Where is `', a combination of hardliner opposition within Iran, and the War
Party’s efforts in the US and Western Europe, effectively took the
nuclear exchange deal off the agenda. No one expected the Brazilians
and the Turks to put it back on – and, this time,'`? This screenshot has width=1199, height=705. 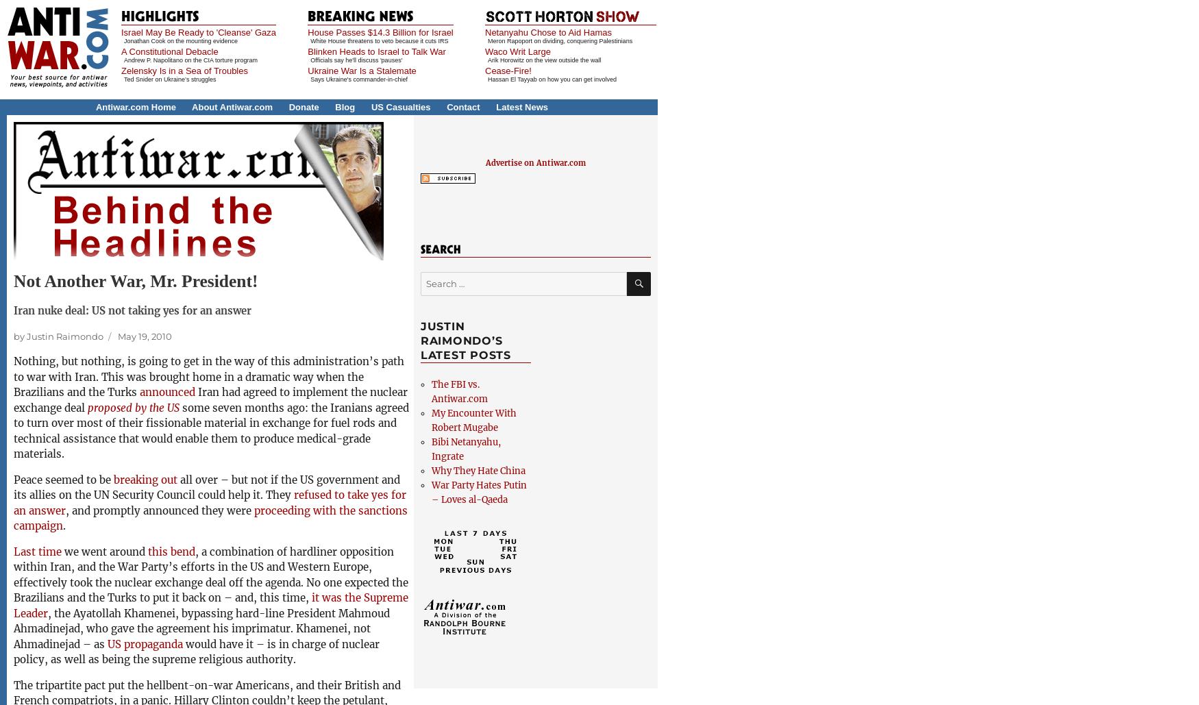 ', a combination of hardliner opposition within Iran, and the War
Party’s efforts in the US and Western Europe, effectively took the
nuclear exchange deal off the agenda. No one expected the Brazilians
and the Turks to put it back on – and, this time,' is located at coordinates (210, 573).